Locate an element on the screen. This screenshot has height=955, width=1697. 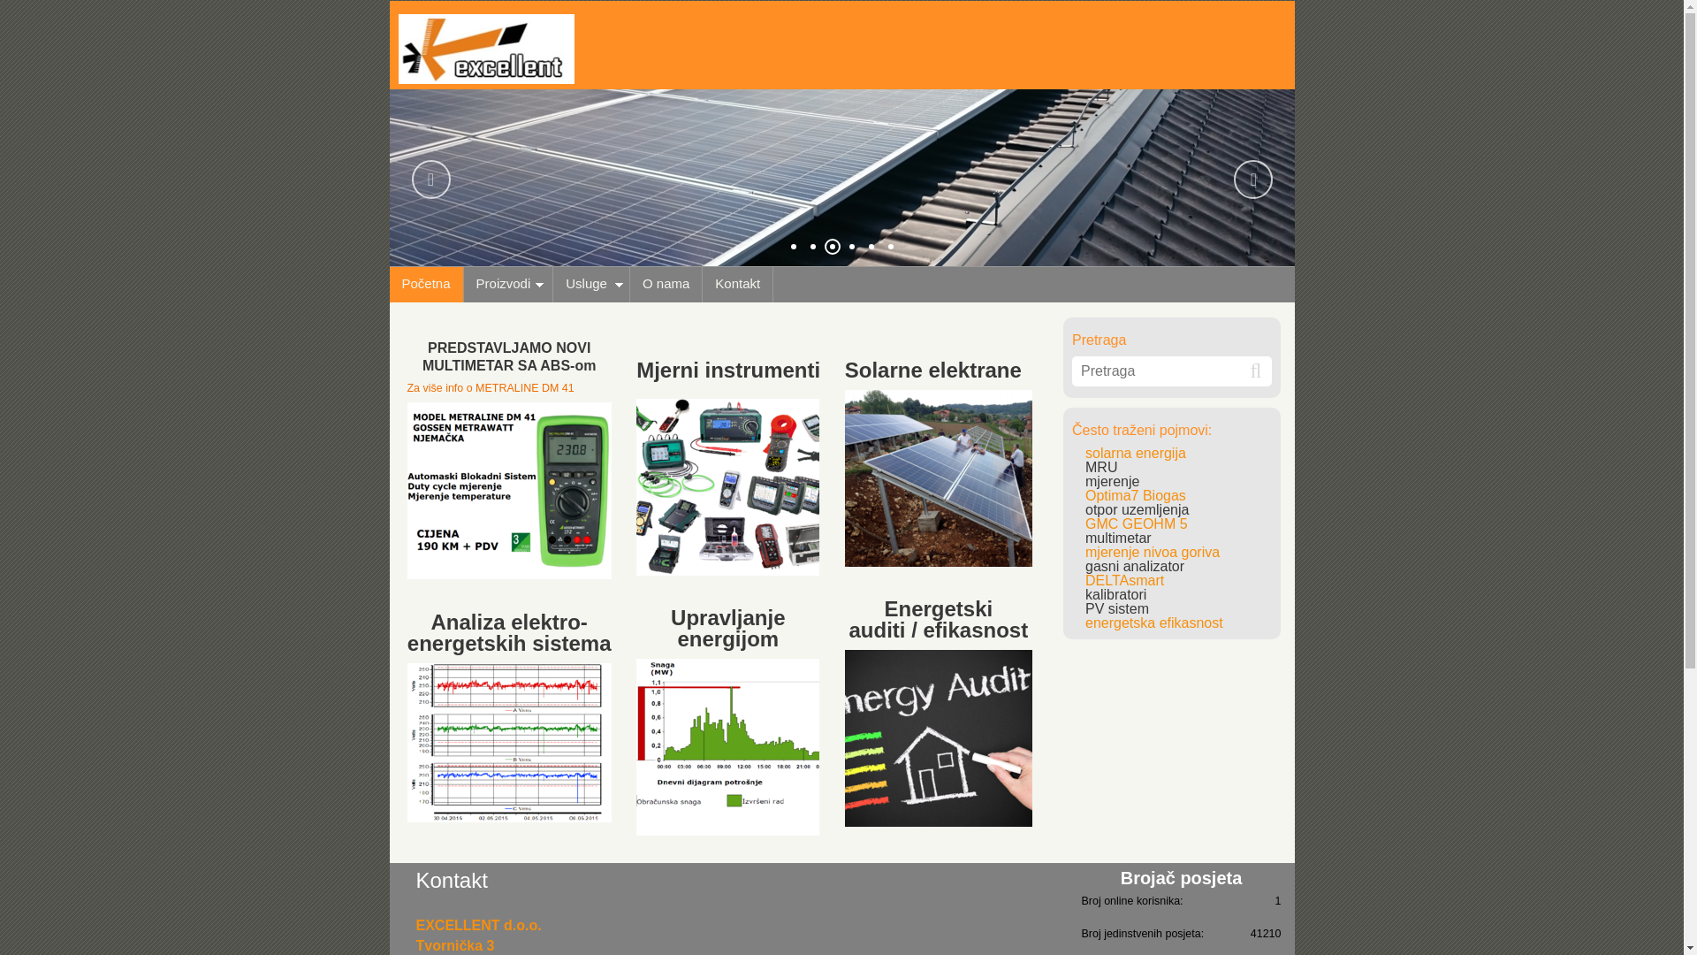
'otpor uzemljenja' is located at coordinates (1137, 509).